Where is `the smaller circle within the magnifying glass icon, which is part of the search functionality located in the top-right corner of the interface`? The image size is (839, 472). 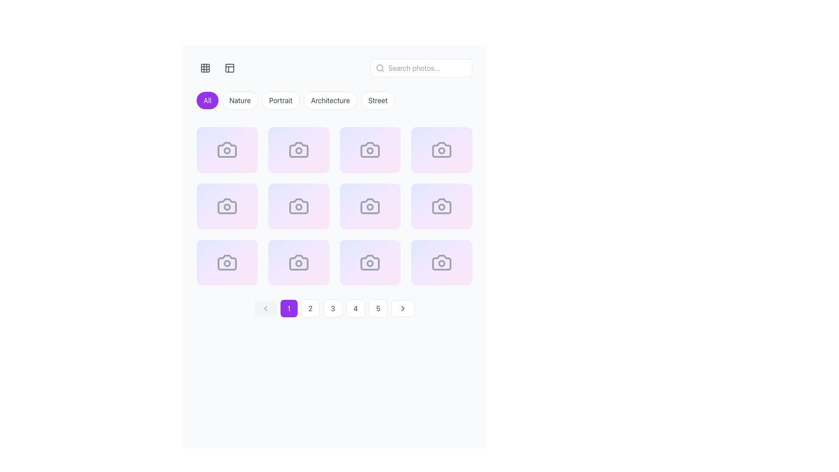 the smaller circle within the magnifying glass icon, which is part of the search functionality located in the top-right corner of the interface is located at coordinates (380, 67).